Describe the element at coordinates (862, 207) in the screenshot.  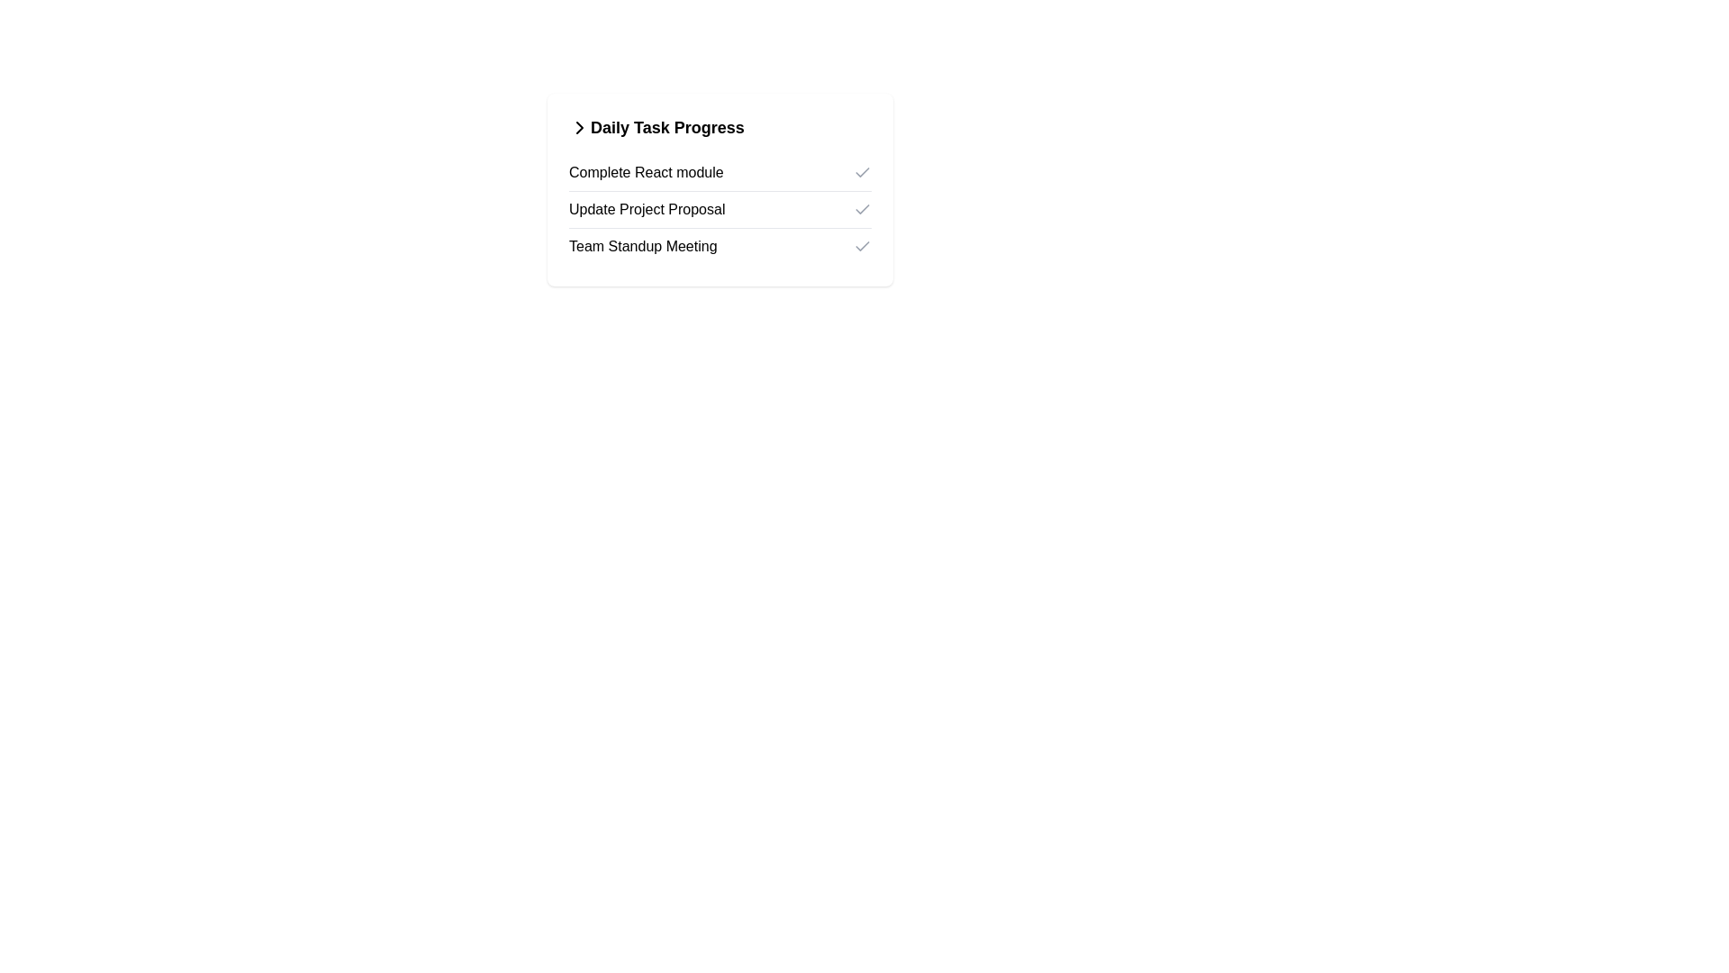
I see `the checkmark icon located on the far-right side of the second item in the list labeled 'Update Project Proposal' to indicate completion or validation of the task` at that location.